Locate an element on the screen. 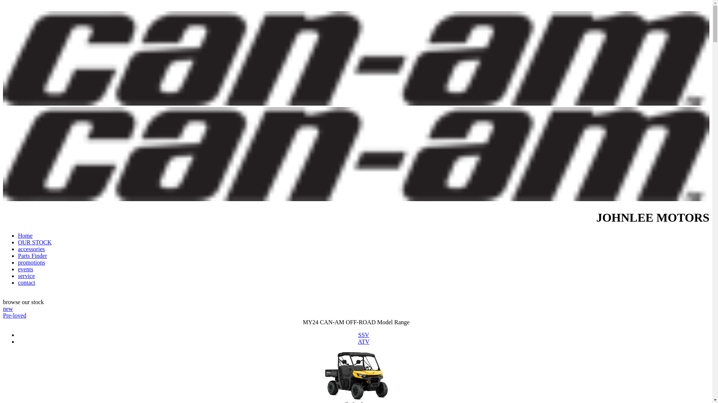 The width and height of the screenshot is (718, 403). 'SSV' is located at coordinates (363, 334).